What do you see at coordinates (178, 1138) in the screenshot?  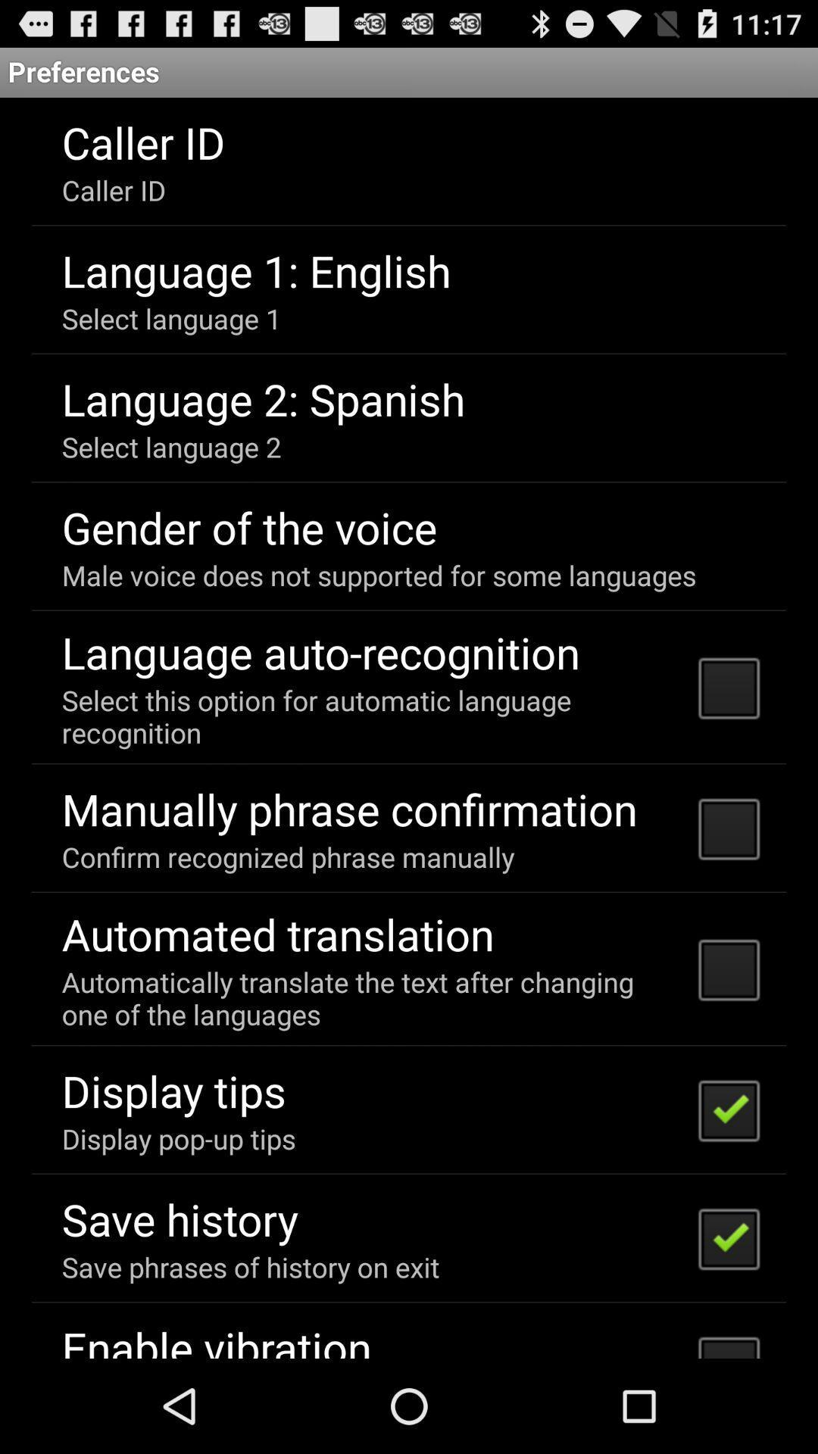 I see `the icon below display tips` at bounding box center [178, 1138].